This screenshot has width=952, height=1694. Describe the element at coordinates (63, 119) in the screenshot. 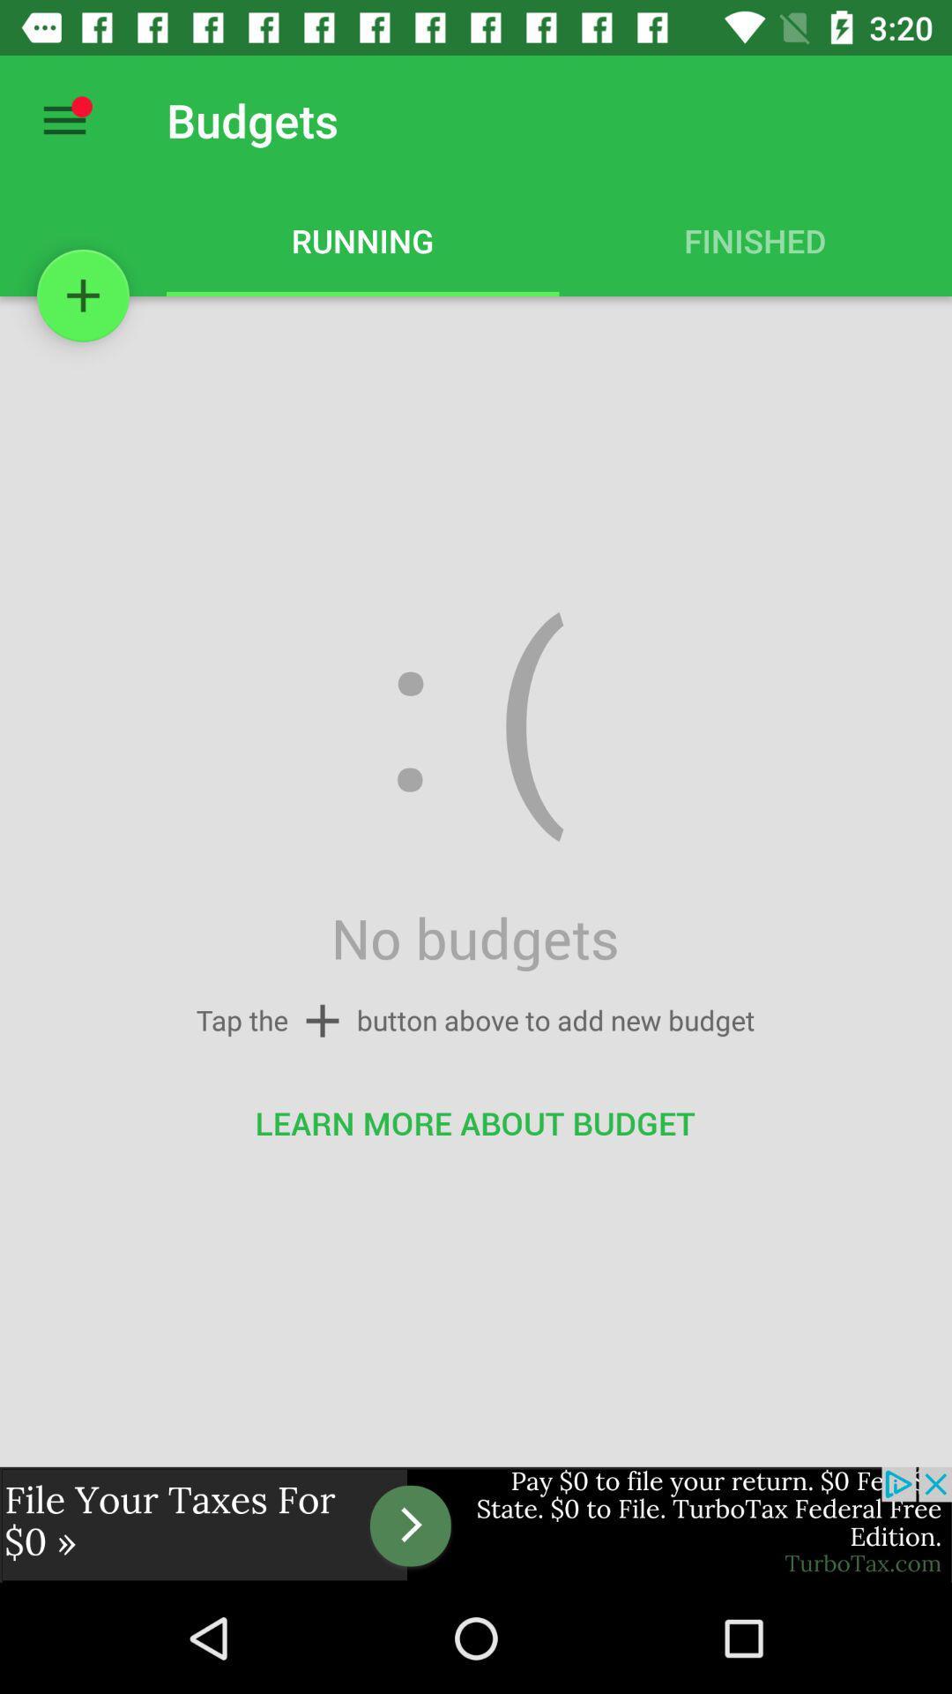

I see `open menu` at that location.